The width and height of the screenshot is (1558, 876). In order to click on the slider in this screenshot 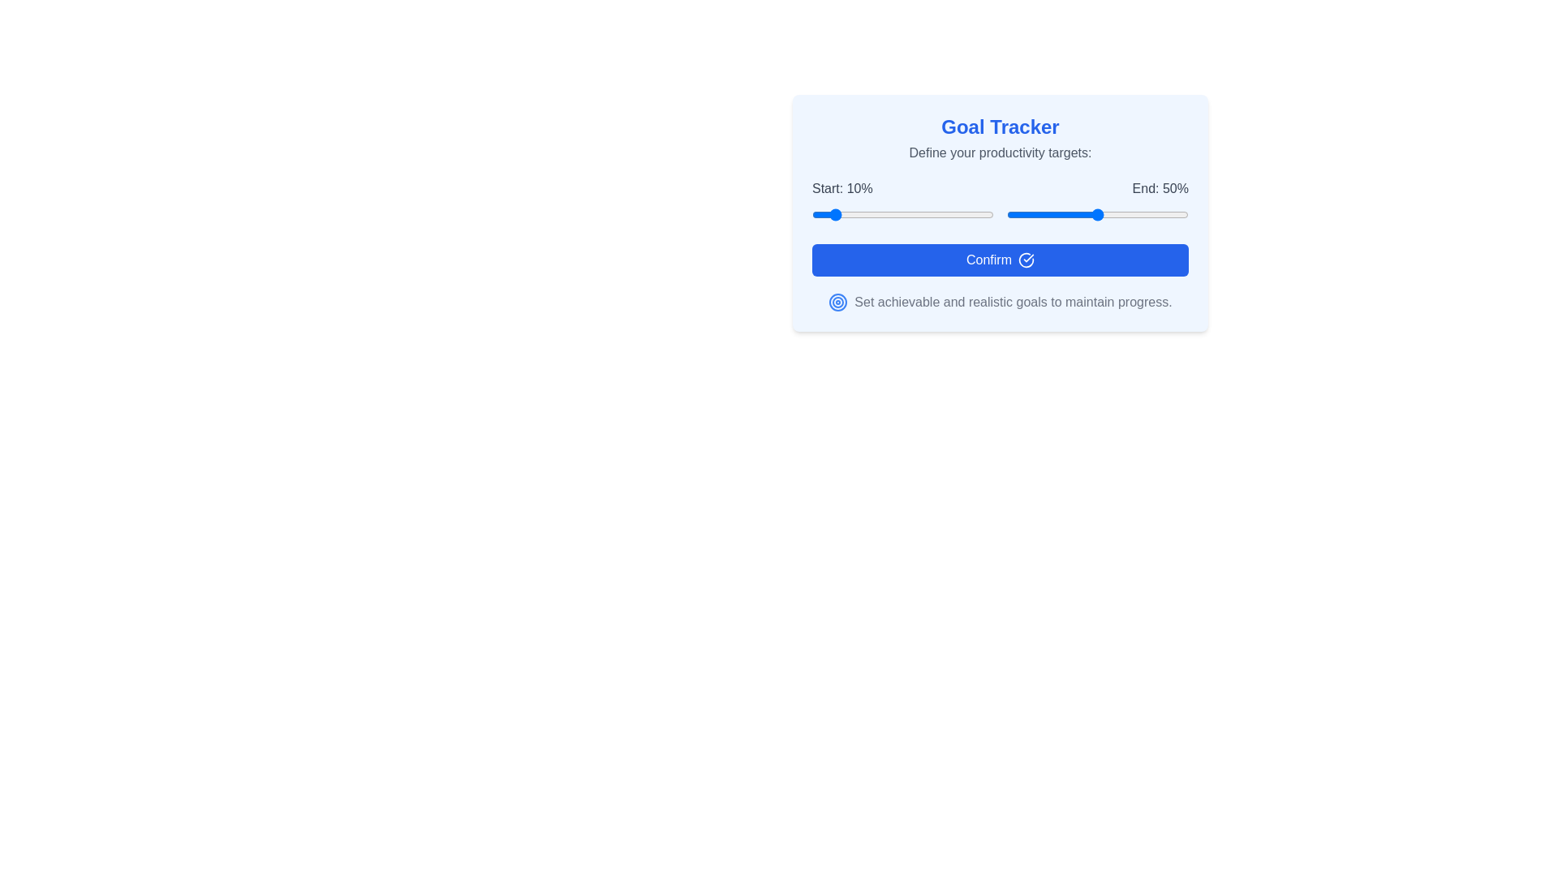, I will do `click(1057, 214)`.